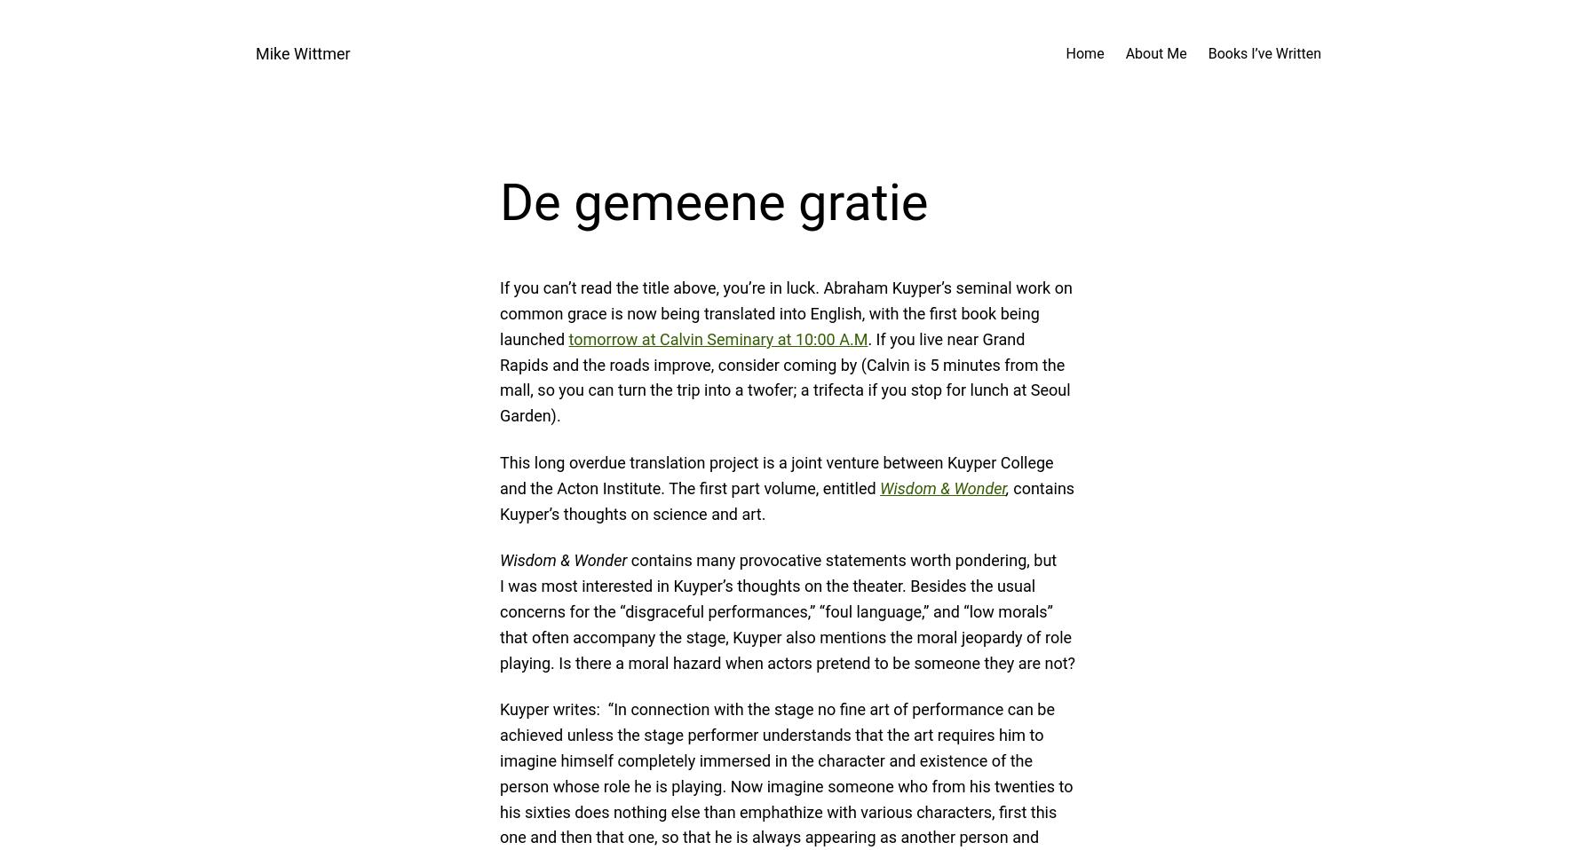 This screenshot has height=850, width=1577. What do you see at coordinates (785, 312) in the screenshot?
I see `'If you can’t read the title above, you’re in luck. Abraham Kuyper’s seminal work on common grace is now being translated into English, with the first book being launched'` at bounding box center [785, 312].